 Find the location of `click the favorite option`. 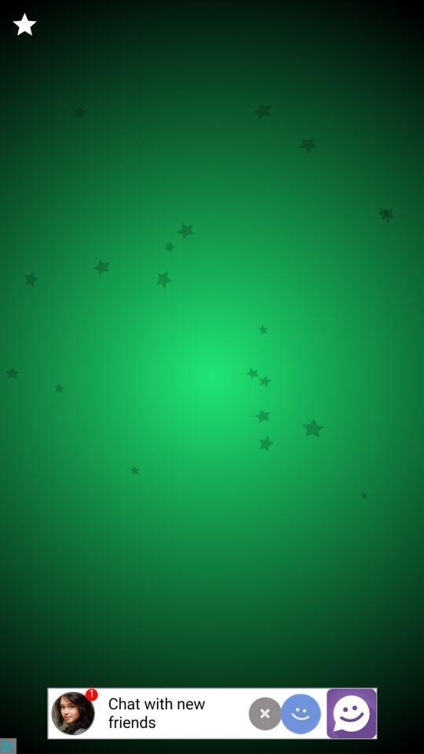

click the favorite option is located at coordinates (24, 24).